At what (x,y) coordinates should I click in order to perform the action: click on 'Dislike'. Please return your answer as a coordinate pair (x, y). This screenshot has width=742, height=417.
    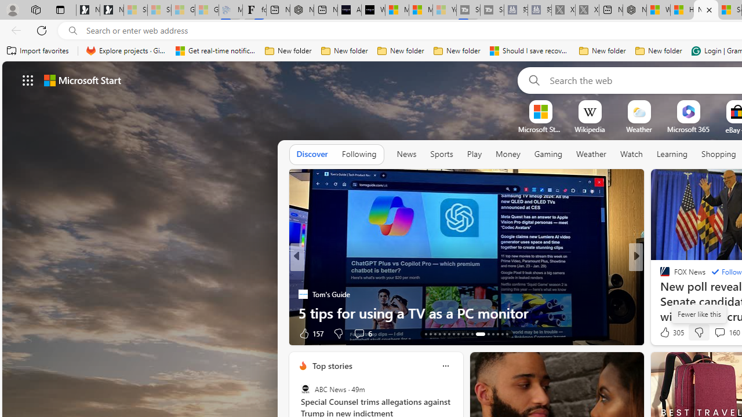
    Looking at the image, I should click on (698, 332).